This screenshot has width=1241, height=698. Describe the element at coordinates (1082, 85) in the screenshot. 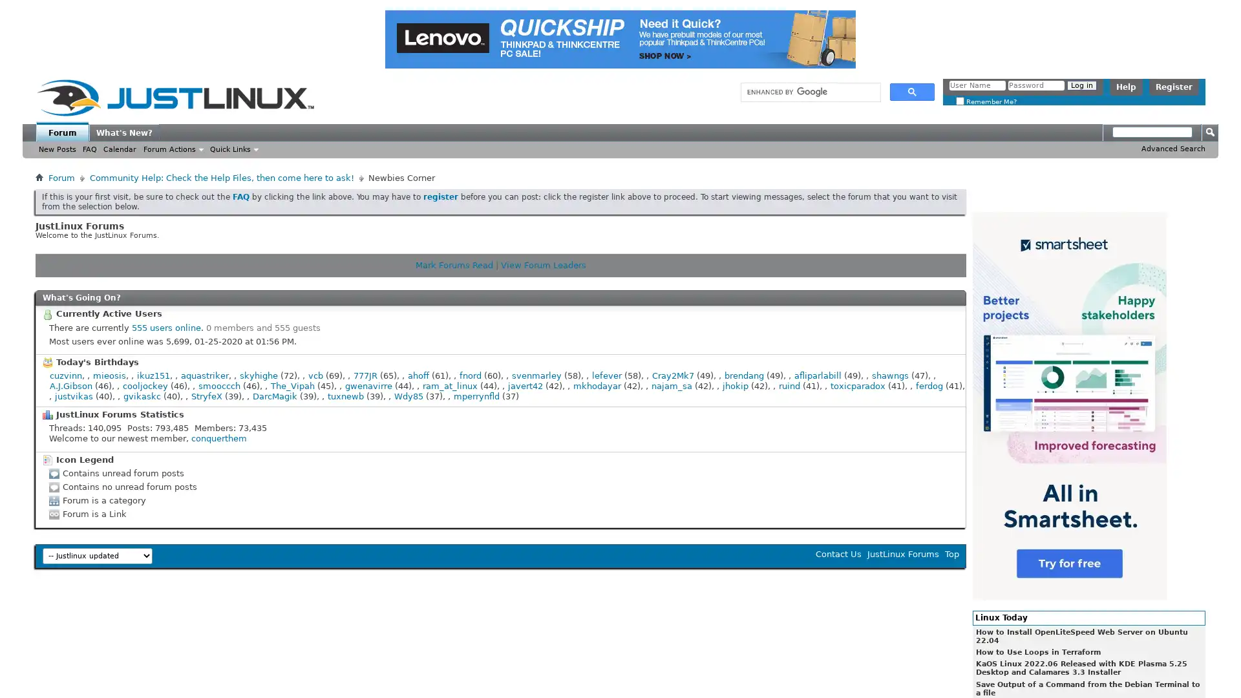

I see `Log in` at that location.